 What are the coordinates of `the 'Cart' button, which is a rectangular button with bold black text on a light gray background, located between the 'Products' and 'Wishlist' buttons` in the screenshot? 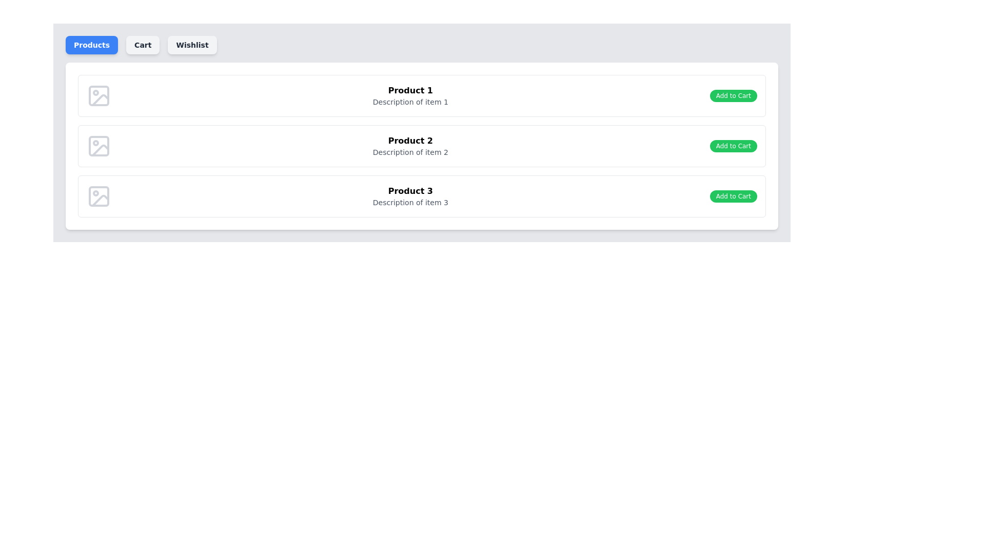 It's located at (142, 45).